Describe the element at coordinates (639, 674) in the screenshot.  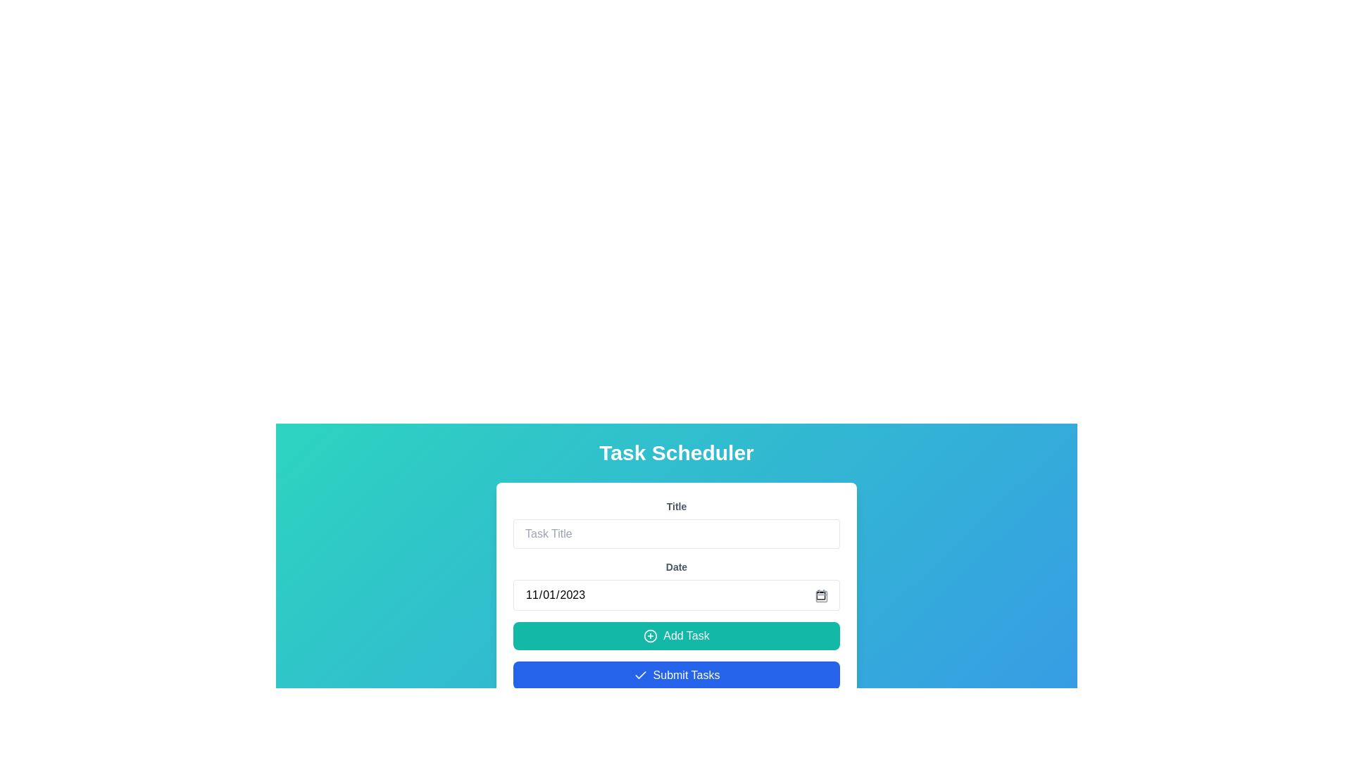
I see `the 'Submit Tasks' button which contains the checkmark icon` at that location.